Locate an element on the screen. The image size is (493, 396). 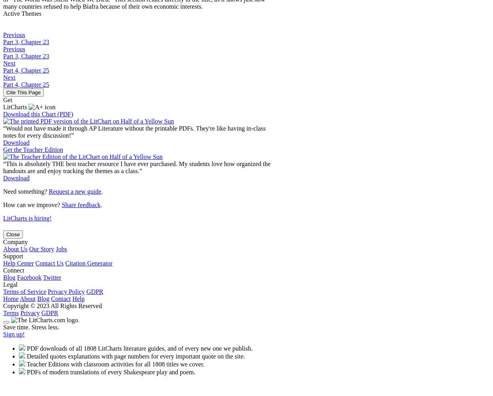
'Contact' is located at coordinates (61, 298).